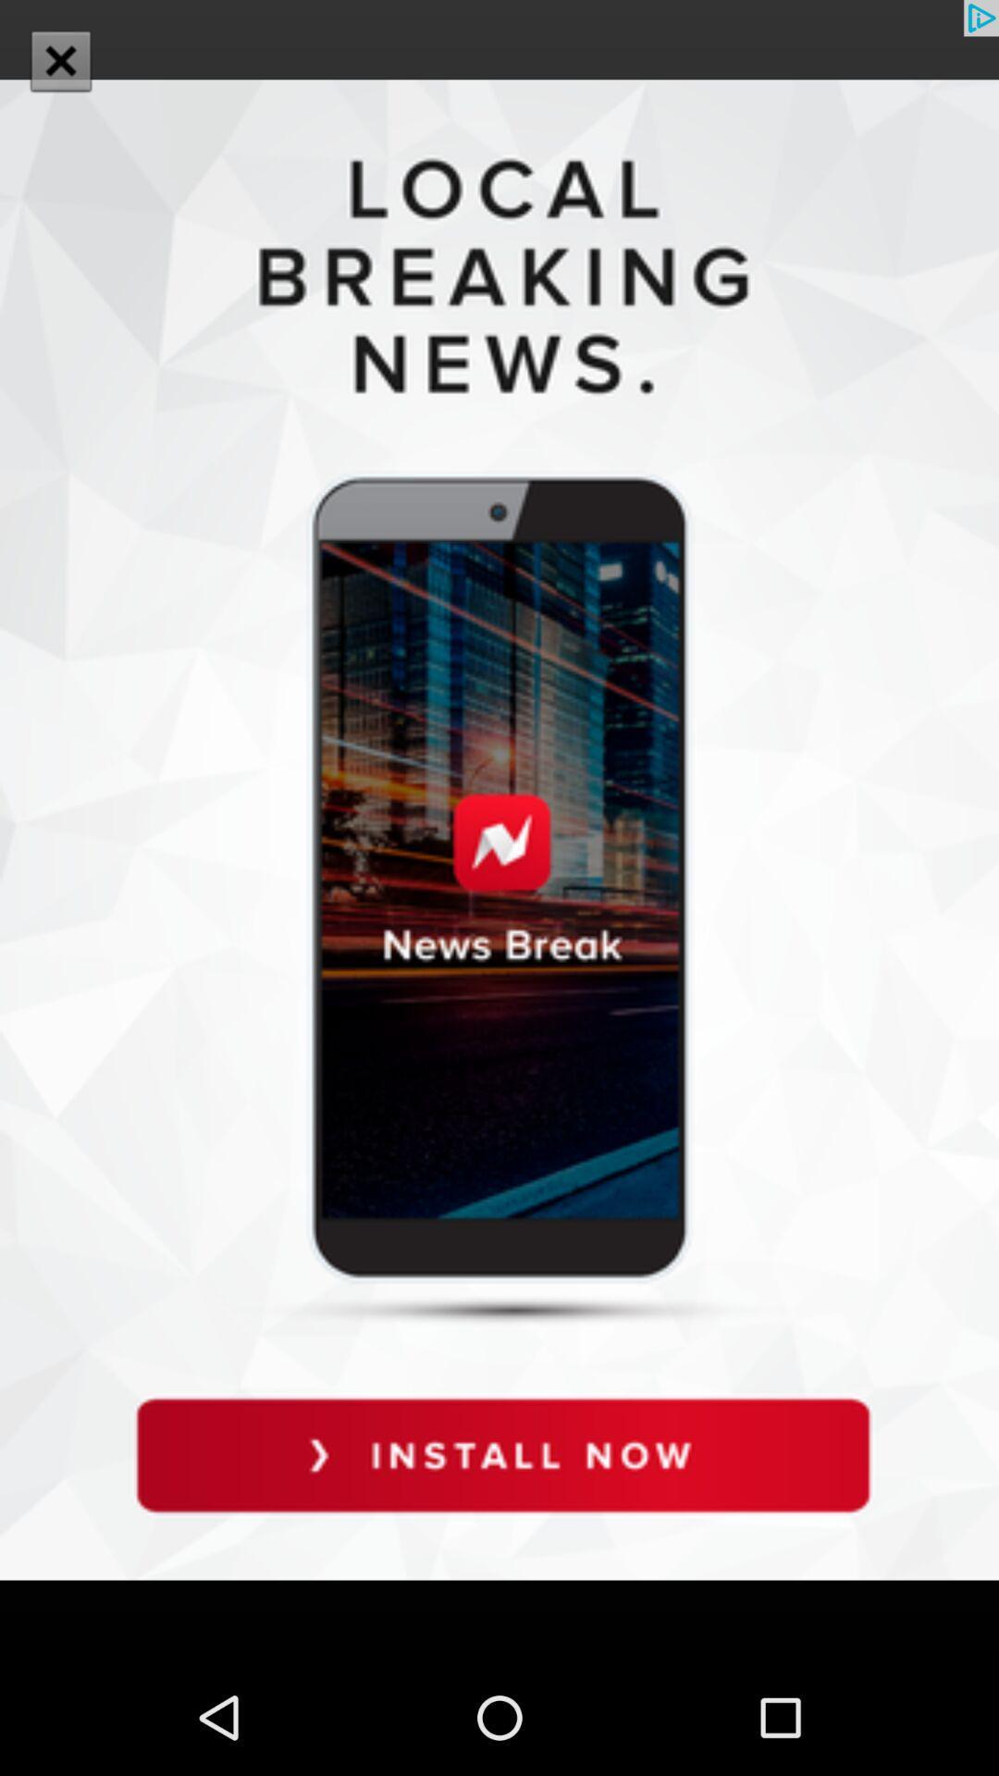 This screenshot has height=1776, width=999. Describe the element at coordinates (59, 65) in the screenshot. I see `the close icon` at that location.